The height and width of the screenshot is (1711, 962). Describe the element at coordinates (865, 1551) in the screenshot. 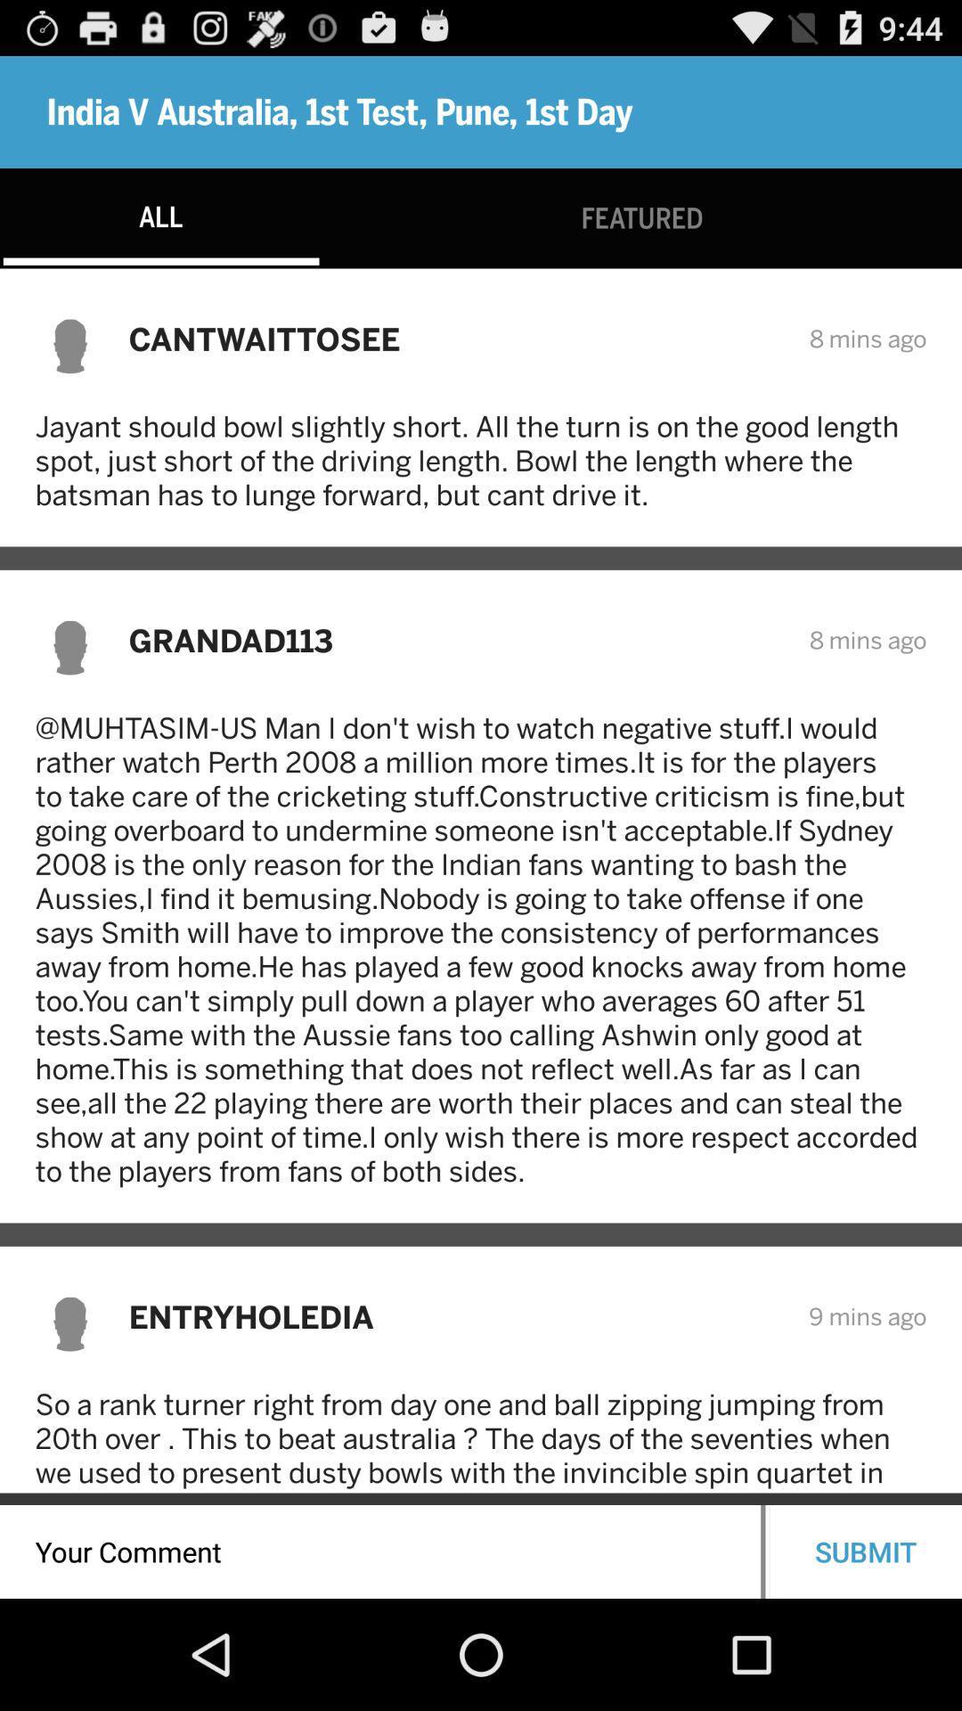

I see `the submit icon` at that location.